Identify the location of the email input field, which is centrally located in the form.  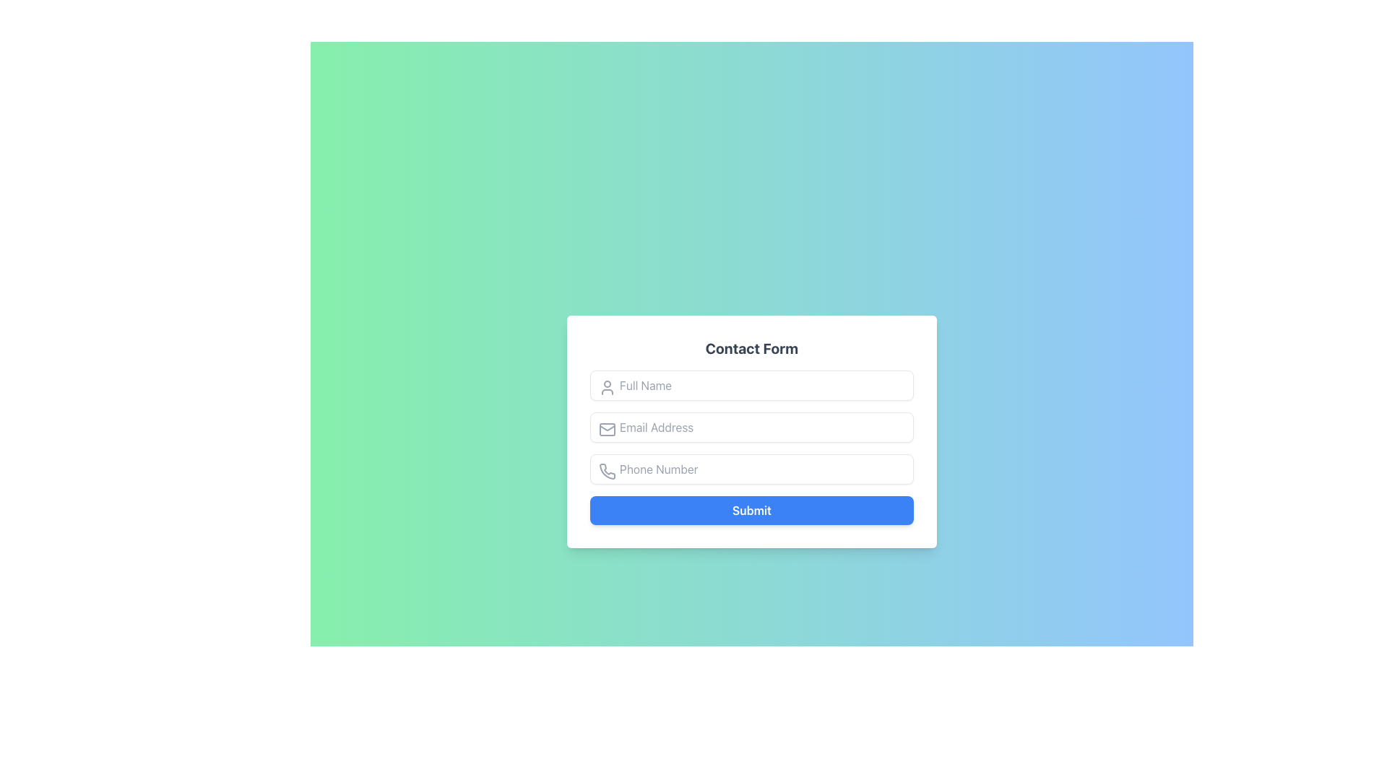
(751, 426).